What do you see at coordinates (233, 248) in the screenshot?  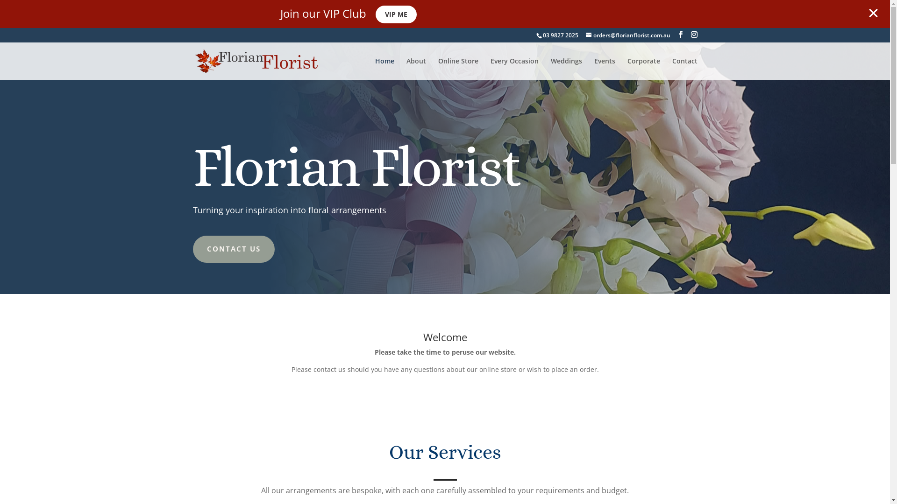 I see `'CONTACT US'` at bounding box center [233, 248].